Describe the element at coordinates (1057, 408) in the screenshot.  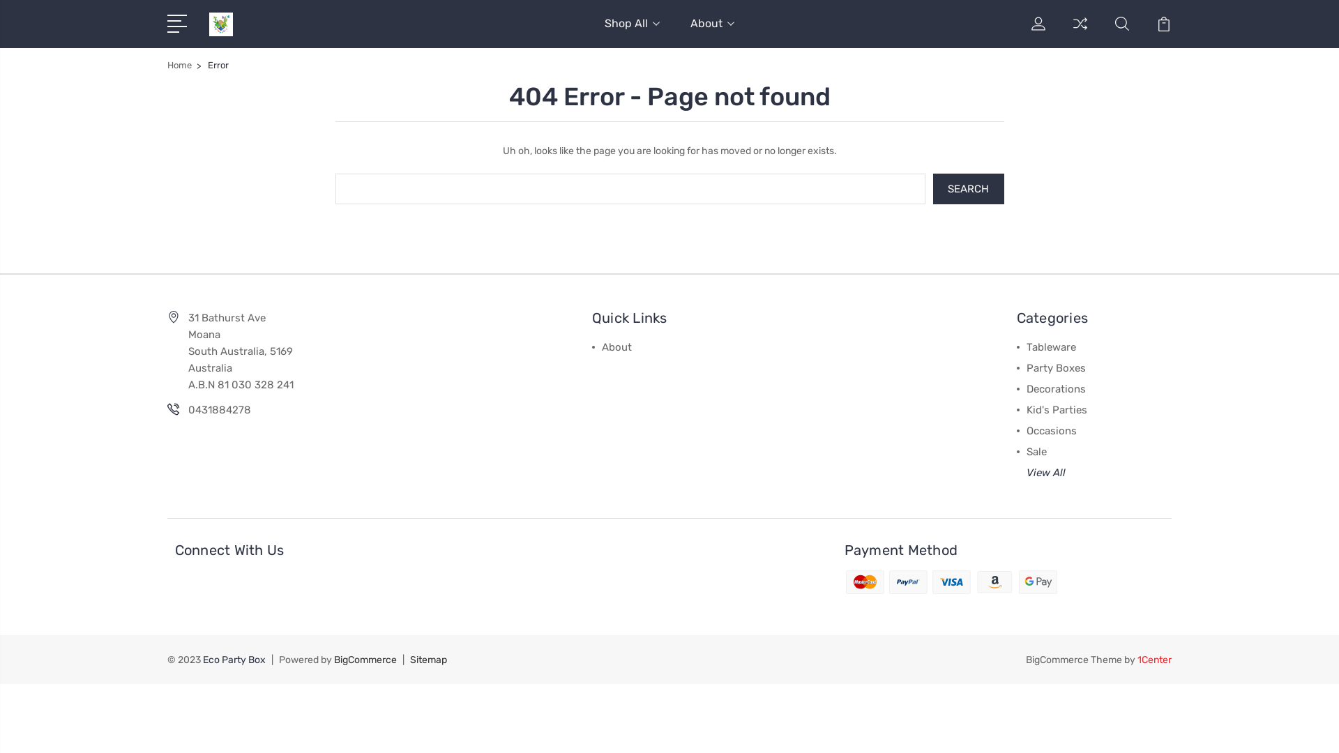
I see `'Kid's Parties'` at that location.